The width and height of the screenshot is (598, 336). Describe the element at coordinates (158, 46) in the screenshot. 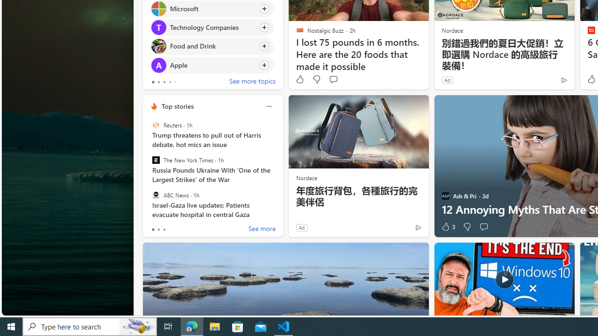

I see `'Food and Drink'` at that location.